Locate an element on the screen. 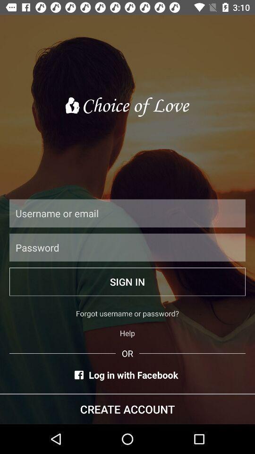  type your email is located at coordinates (127, 213).